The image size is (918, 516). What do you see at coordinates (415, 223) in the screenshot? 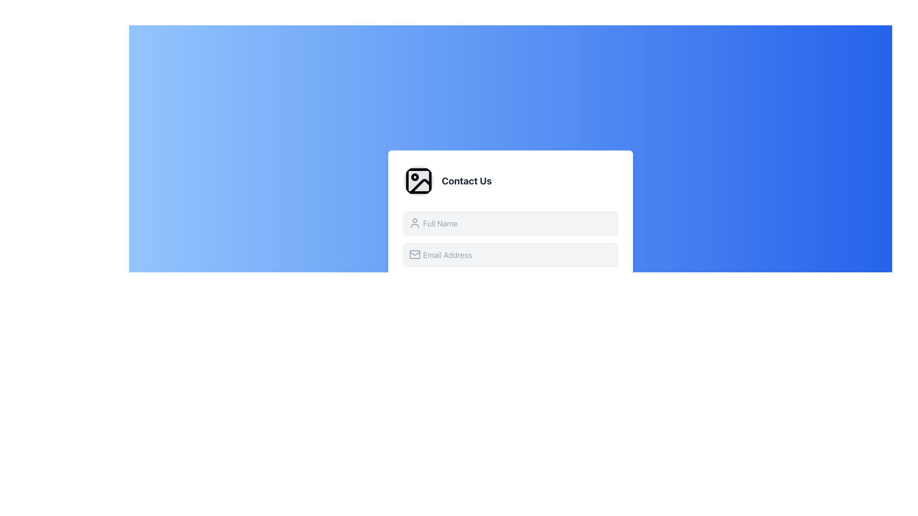
I see `the icon that indicates the user-related data entry for the 'Full Name' input field, positioned on the left side of the input box` at bounding box center [415, 223].